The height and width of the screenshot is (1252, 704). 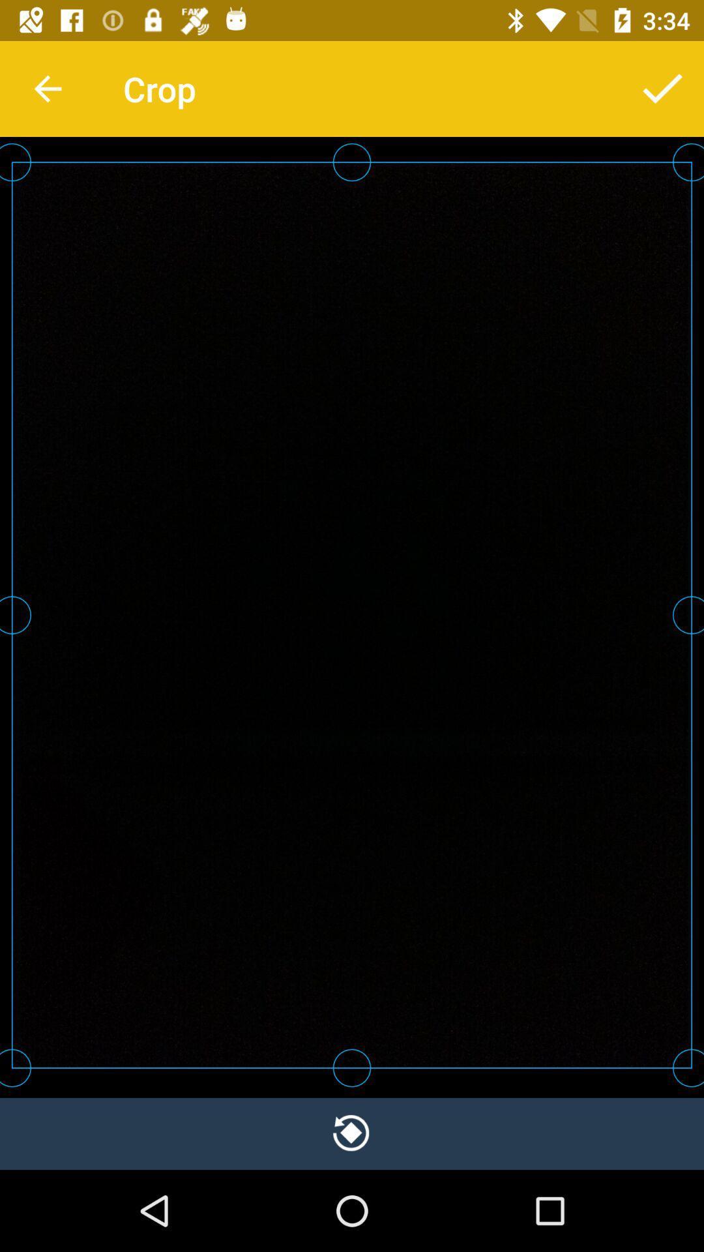 I want to click on refresh screen button, so click(x=352, y=1133).